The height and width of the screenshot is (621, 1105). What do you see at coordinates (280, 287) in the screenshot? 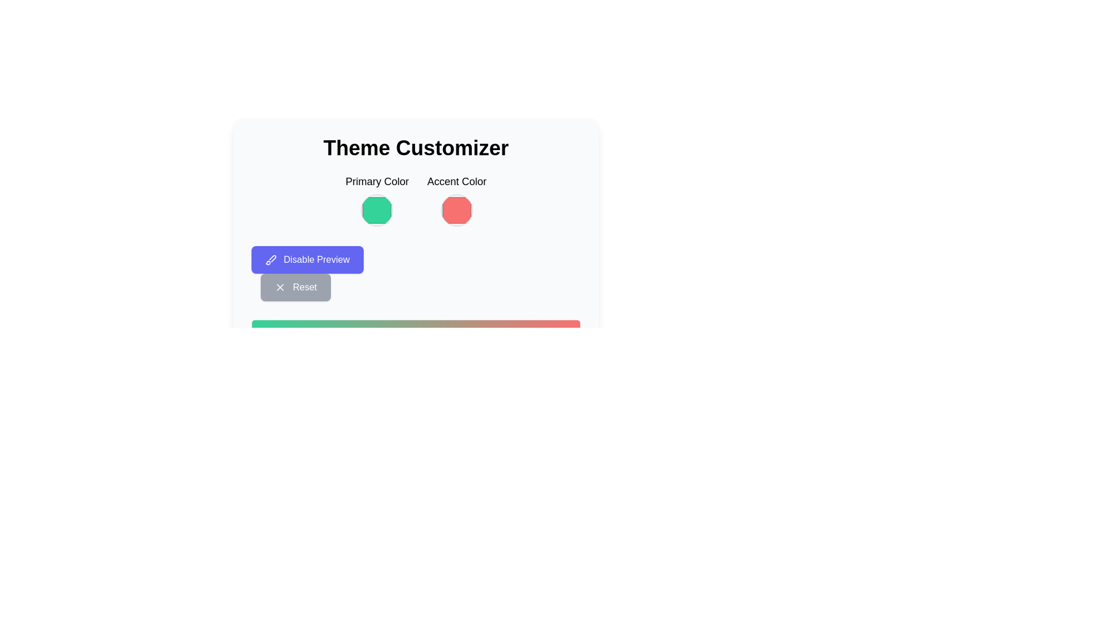
I see `the small 'X' shaped icon located inside the gray 'Reset' button` at bounding box center [280, 287].